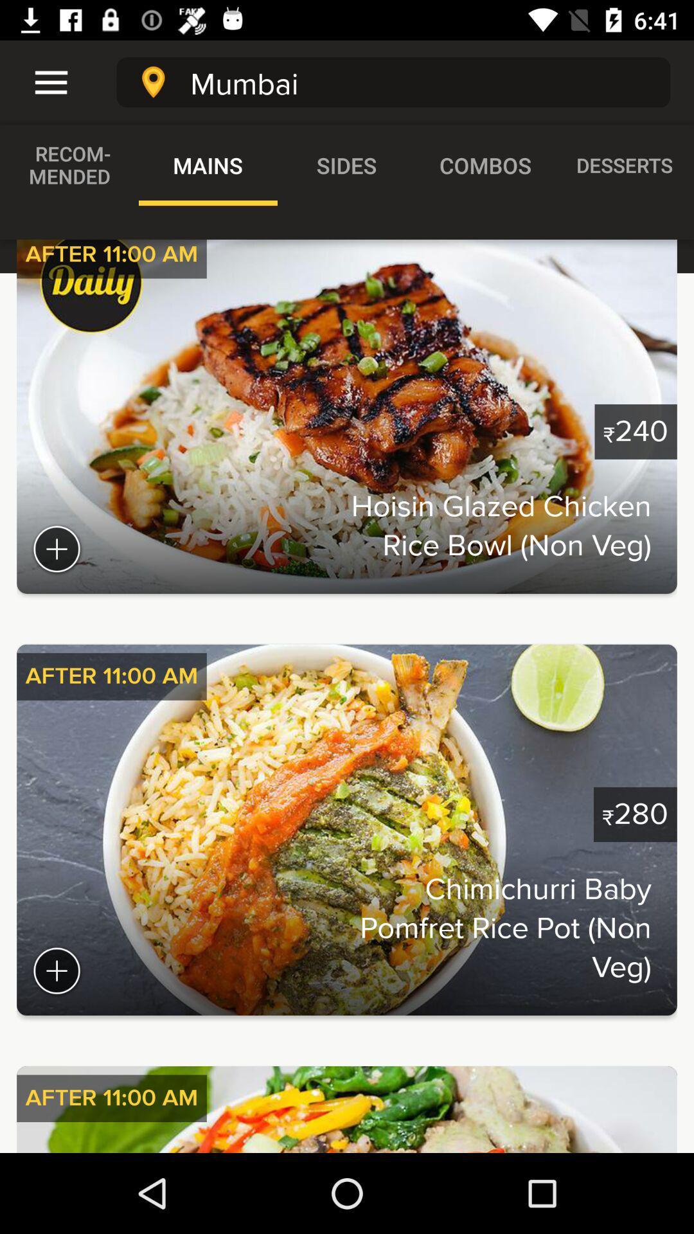 The height and width of the screenshot is (1234, 694). What do you see at coordinates (42, 82) in the screenshot?
I see `the menu icon` at bounding box center [42, 82].